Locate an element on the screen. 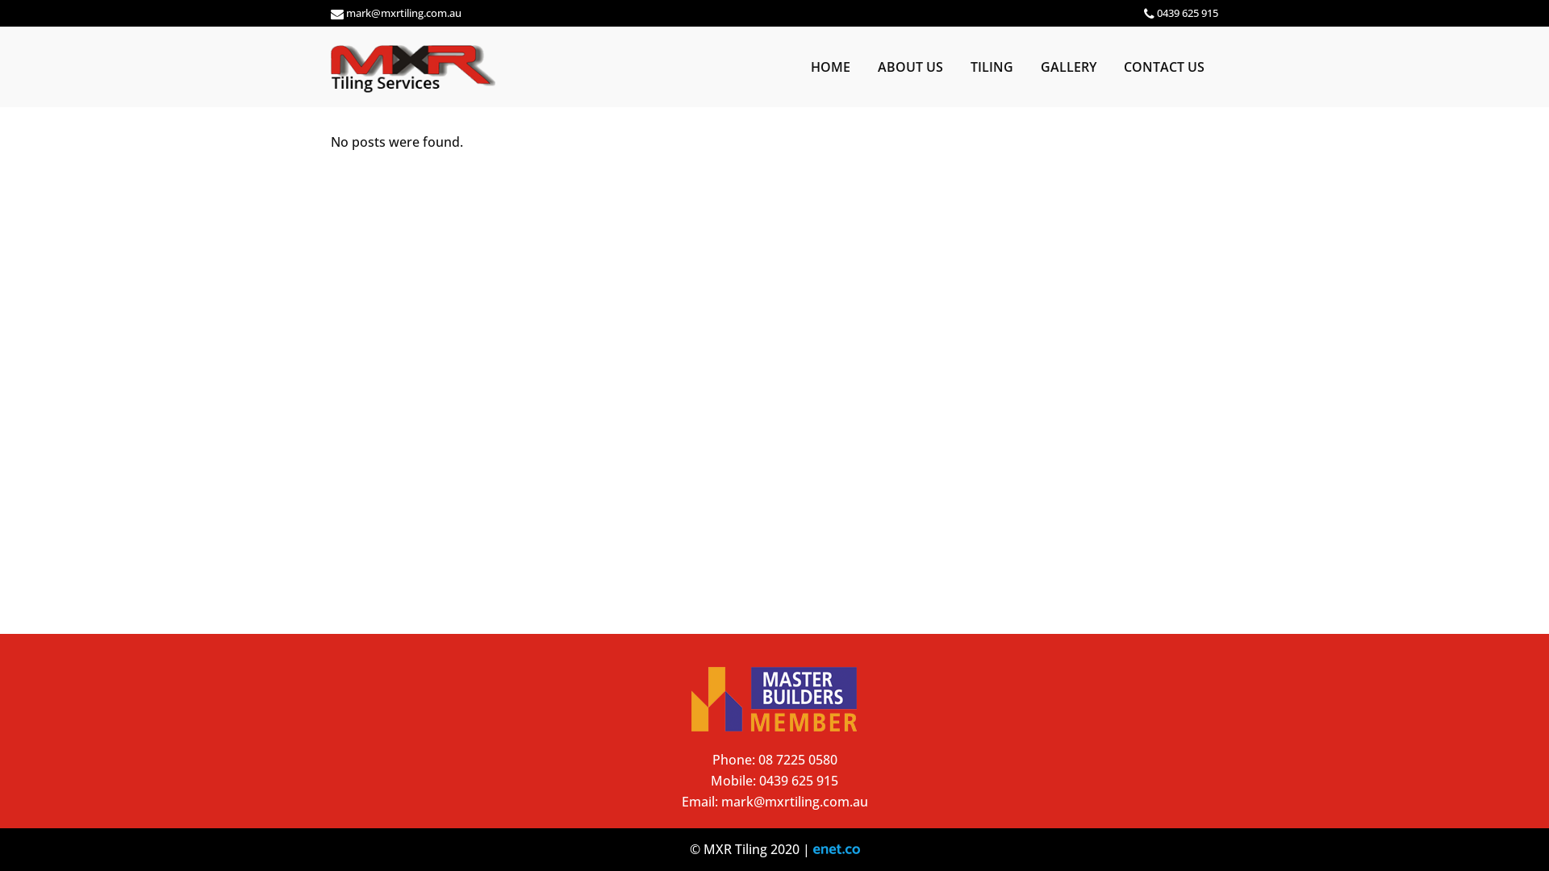 Image resolution: width=1549 pixels, height=871 pixels. 'GALLERY' is located at coordinates (1025, 66).